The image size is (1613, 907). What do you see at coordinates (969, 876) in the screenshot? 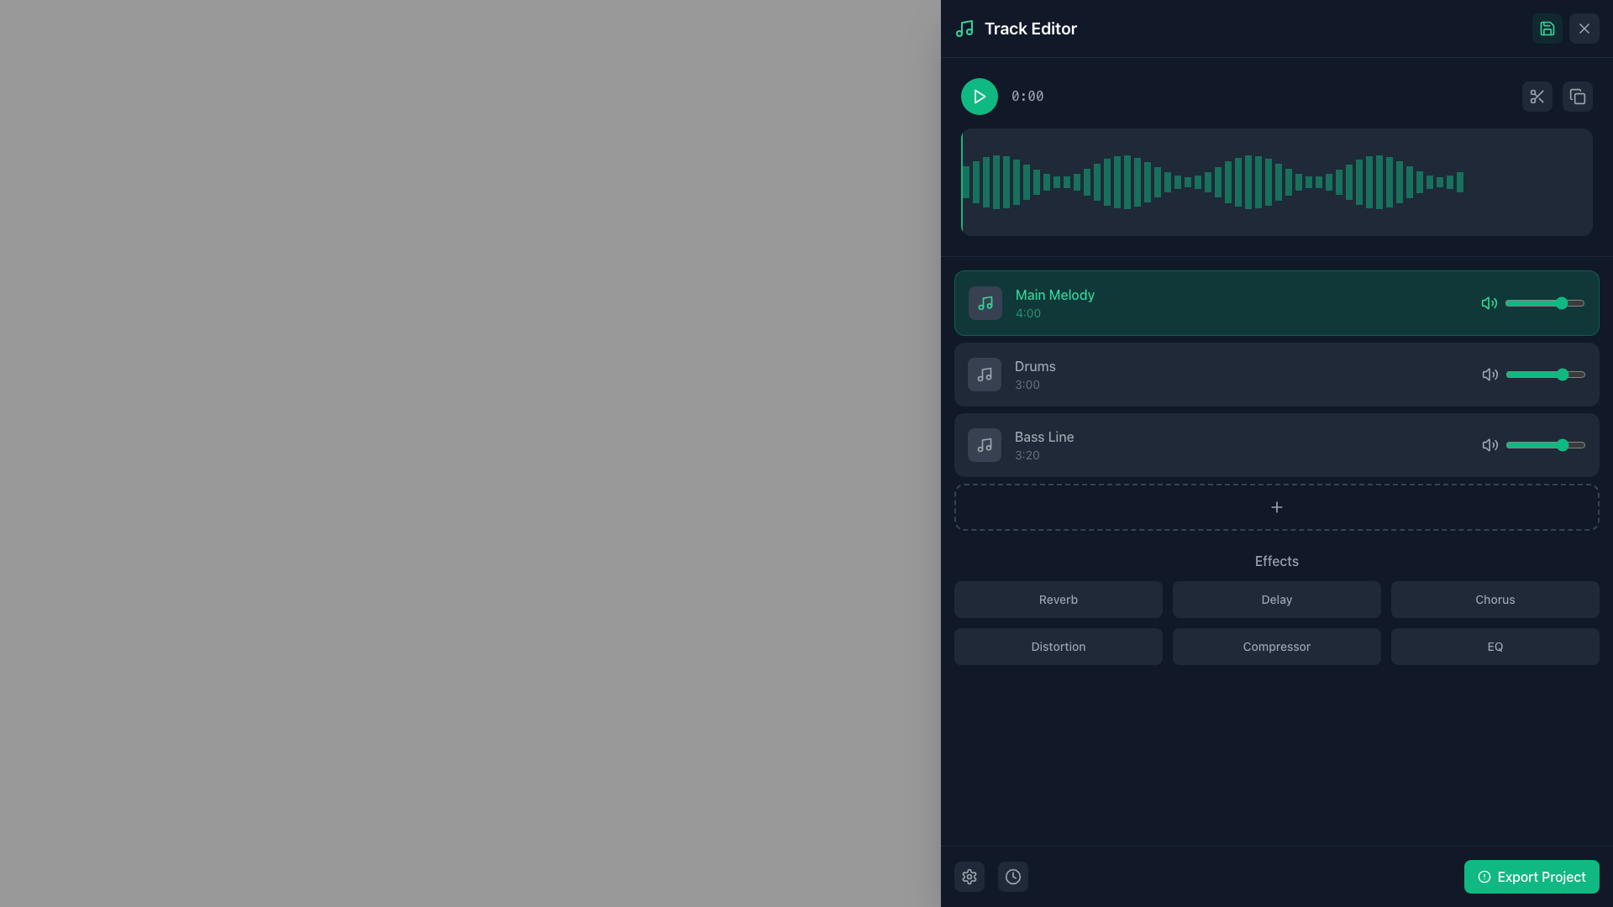
I see `the gear/cog icon in the bottom left corner of the interface` at bounding box center [969, 876].